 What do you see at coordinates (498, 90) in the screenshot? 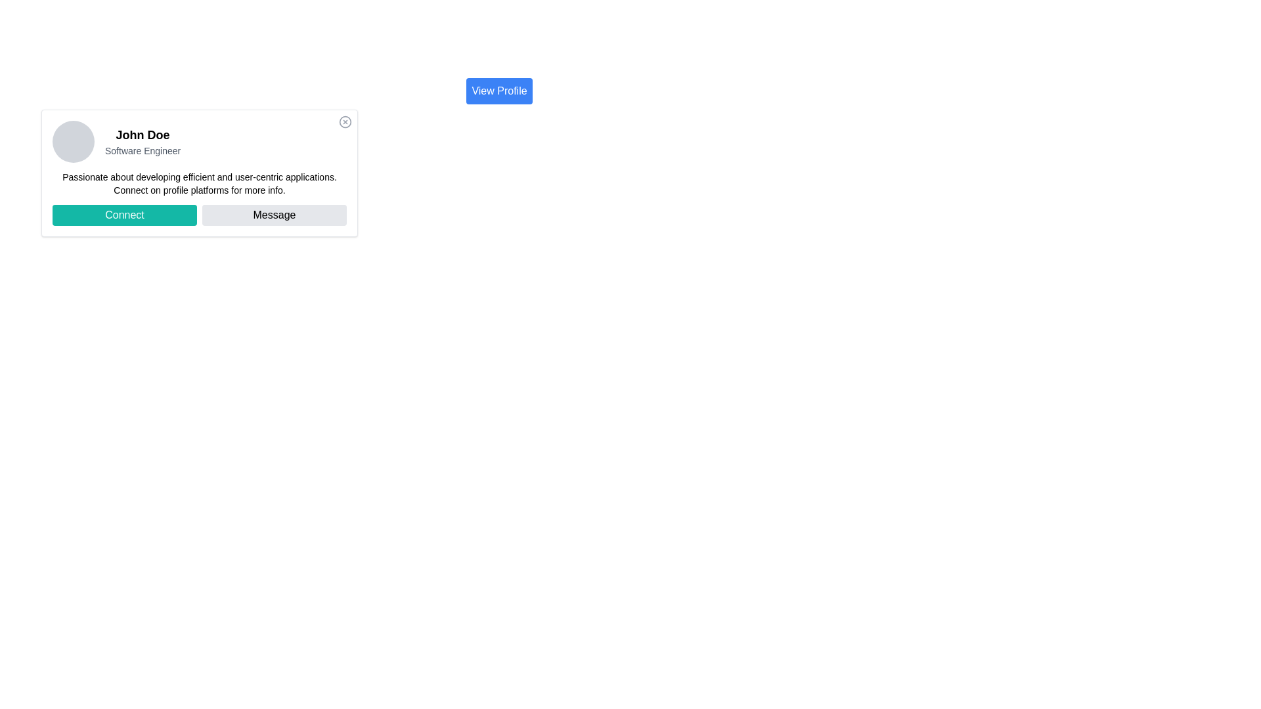
I see `the user profile view button located at the top center of the page layout` at bounding box center [498, 90].